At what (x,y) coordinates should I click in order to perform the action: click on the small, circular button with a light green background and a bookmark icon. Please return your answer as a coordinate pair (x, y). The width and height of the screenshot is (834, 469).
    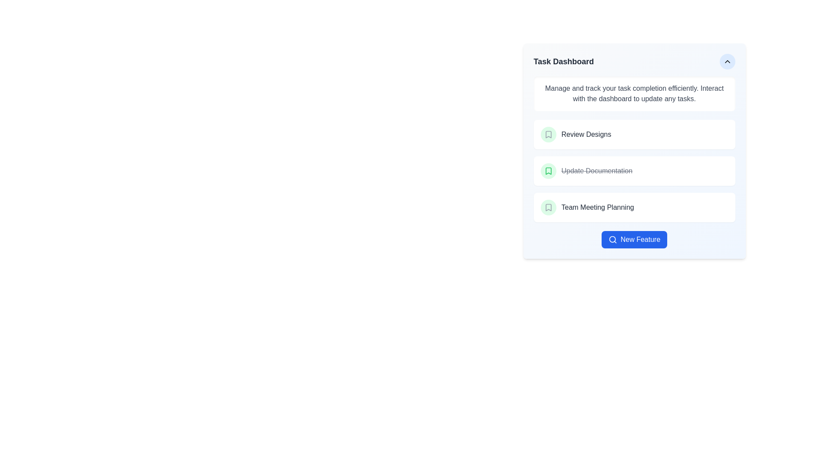
    Looking at the image, I should click on (548, 134).